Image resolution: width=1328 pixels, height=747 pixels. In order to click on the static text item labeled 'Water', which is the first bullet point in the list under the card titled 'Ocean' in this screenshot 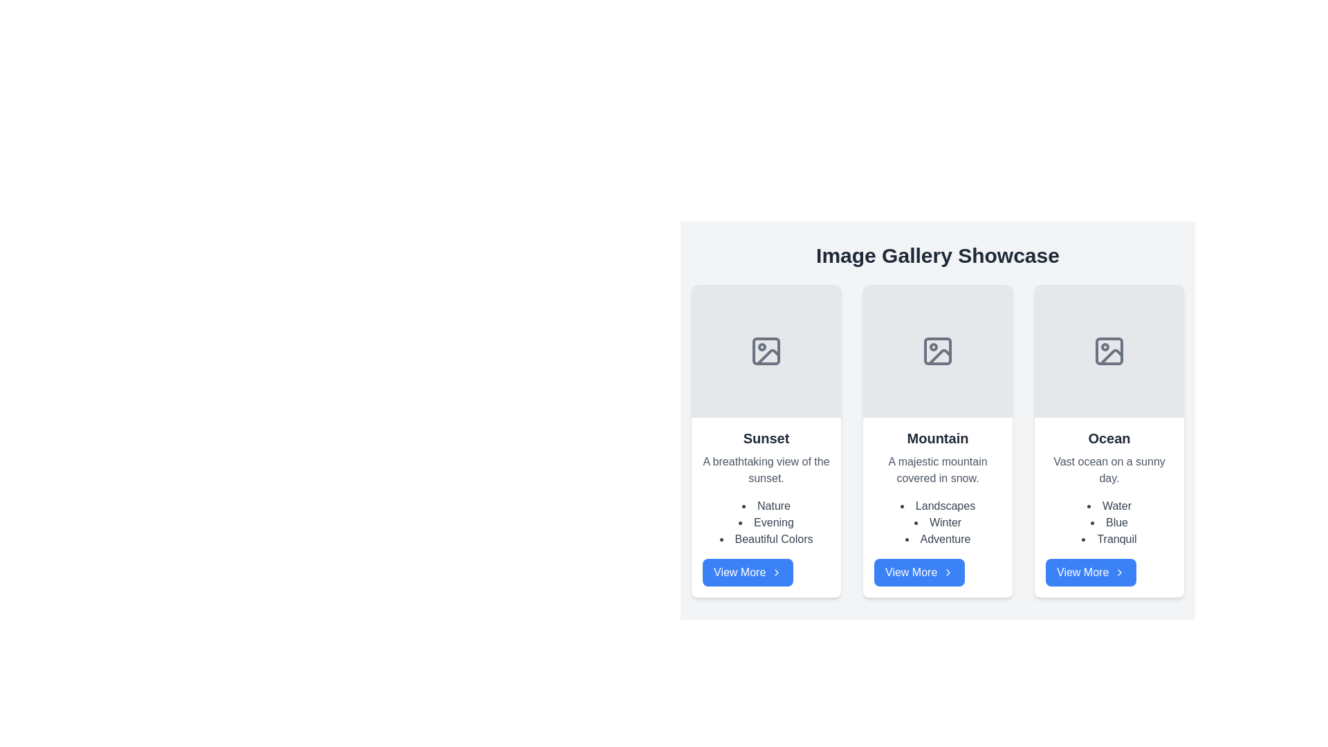, I will do `click(1109, 507)`.